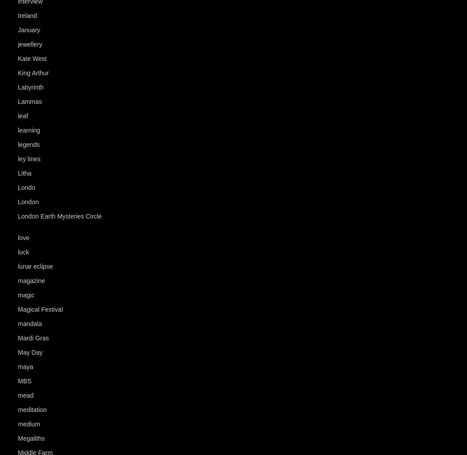  I want to click on 'King Arthur', so click(33, 72).